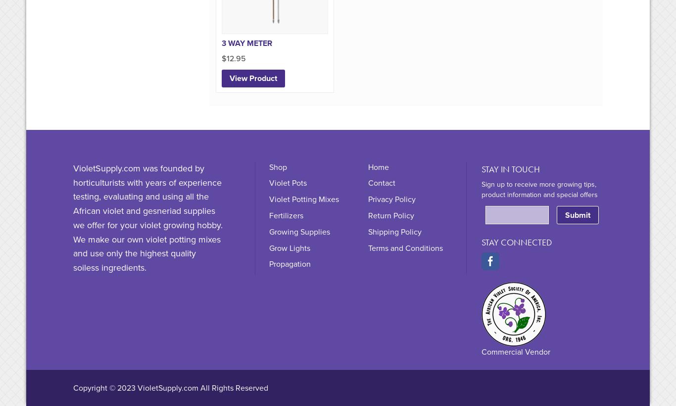  Describe the element at coordinates (367, 200) in the screenshot. I see `'Privacy Policy'` at that location.